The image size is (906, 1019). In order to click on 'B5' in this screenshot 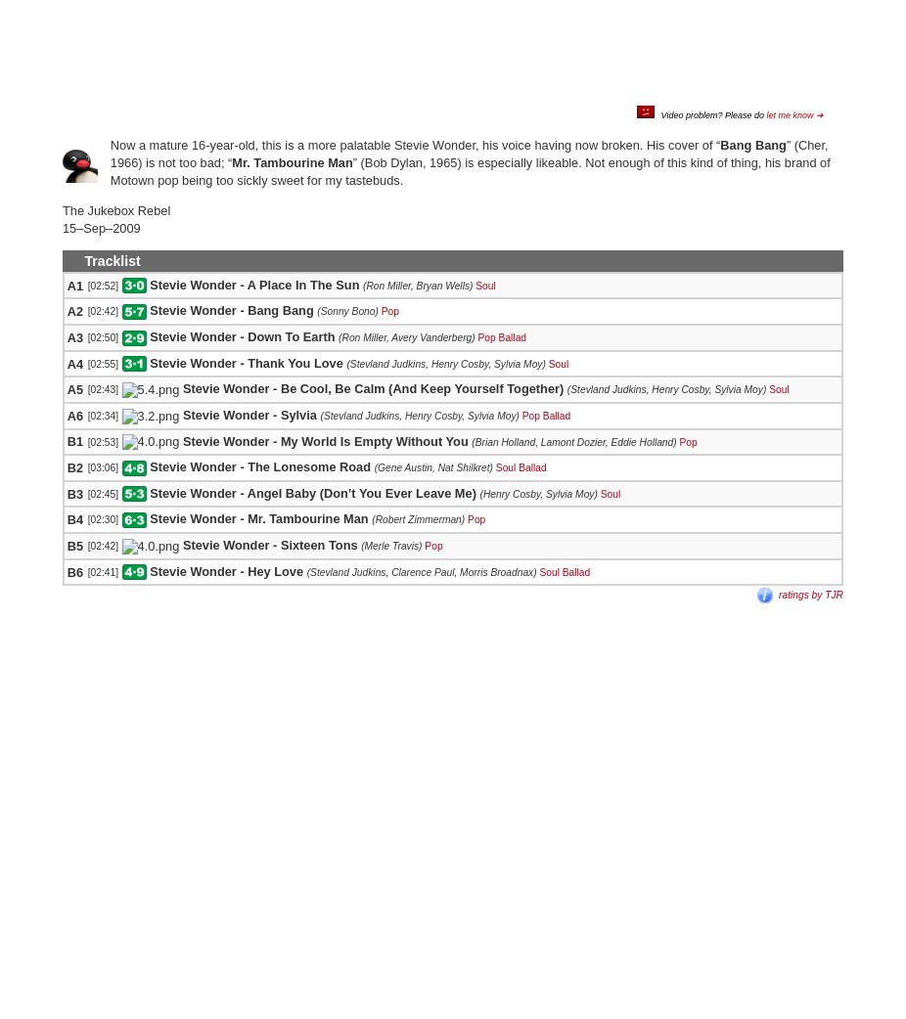, I will do `click(73, 544)`.